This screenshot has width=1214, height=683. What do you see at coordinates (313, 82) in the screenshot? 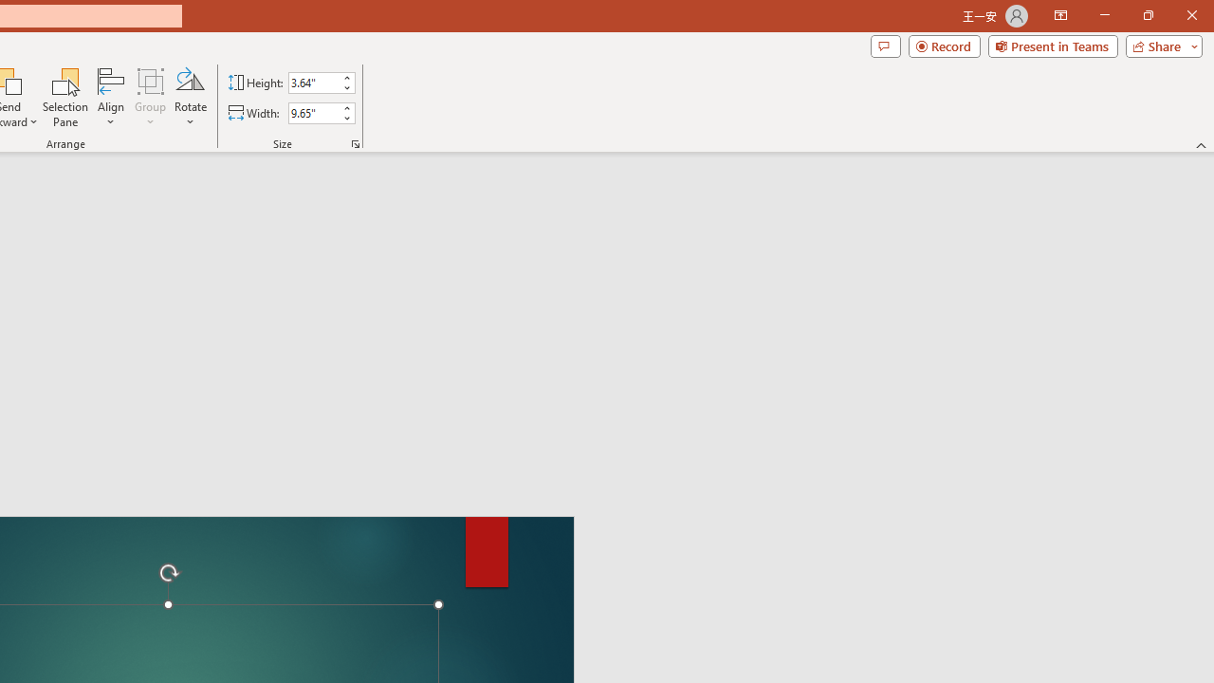
I see `'Shape Height'` at bounding box center [313, 82].